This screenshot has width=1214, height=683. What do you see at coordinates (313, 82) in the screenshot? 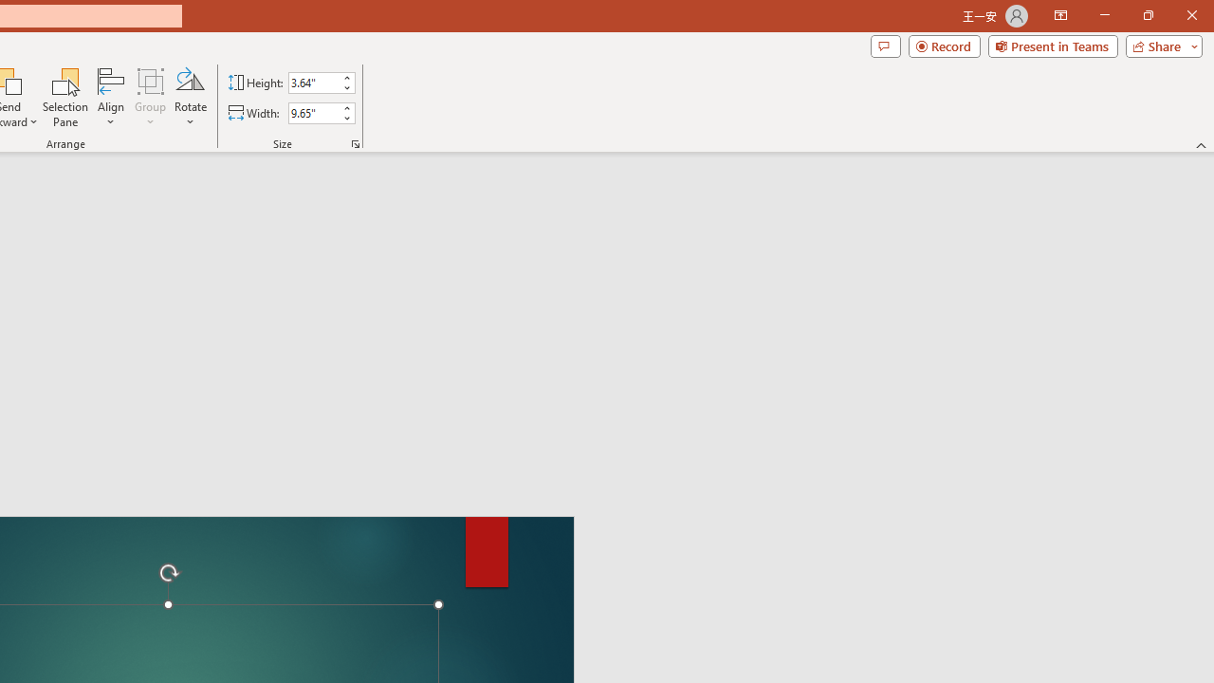
I see `'Shape Height'` at bounding box center [313, 82].